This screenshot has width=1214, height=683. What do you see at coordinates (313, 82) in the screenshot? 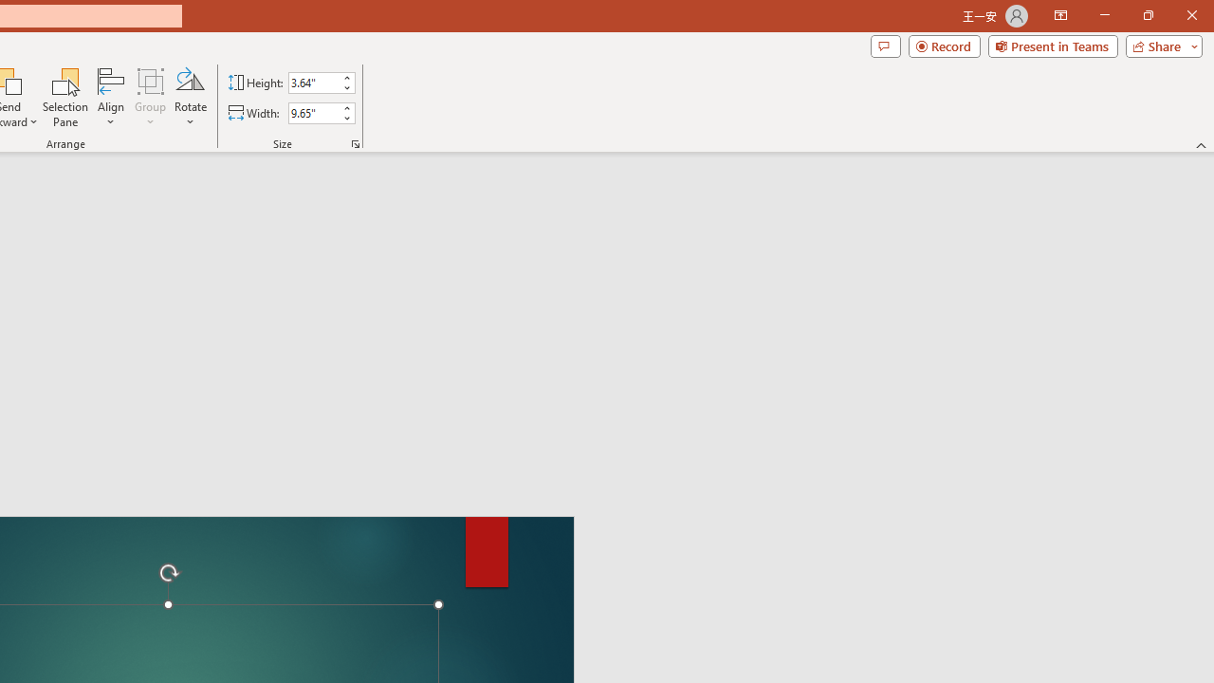
I see `'Shape Height'` at bounding box center [313, 82].